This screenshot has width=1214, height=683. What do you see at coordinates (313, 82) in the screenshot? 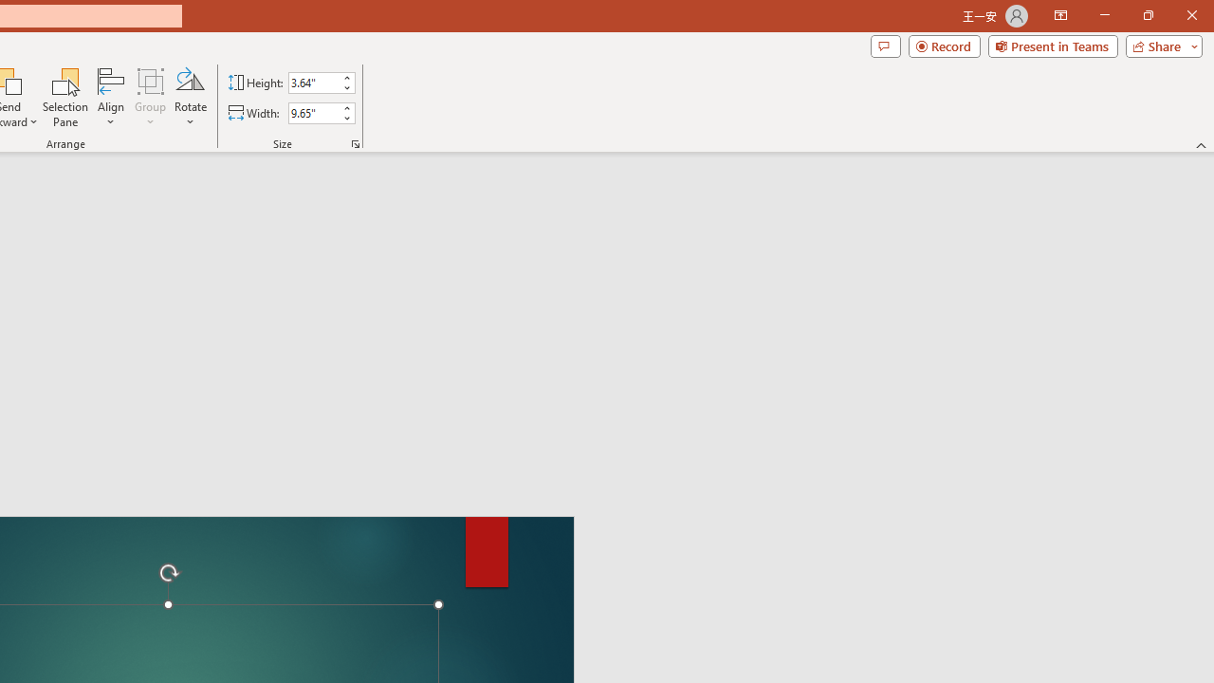
I see `'Shape Height'` at bounding box center [313, 82].